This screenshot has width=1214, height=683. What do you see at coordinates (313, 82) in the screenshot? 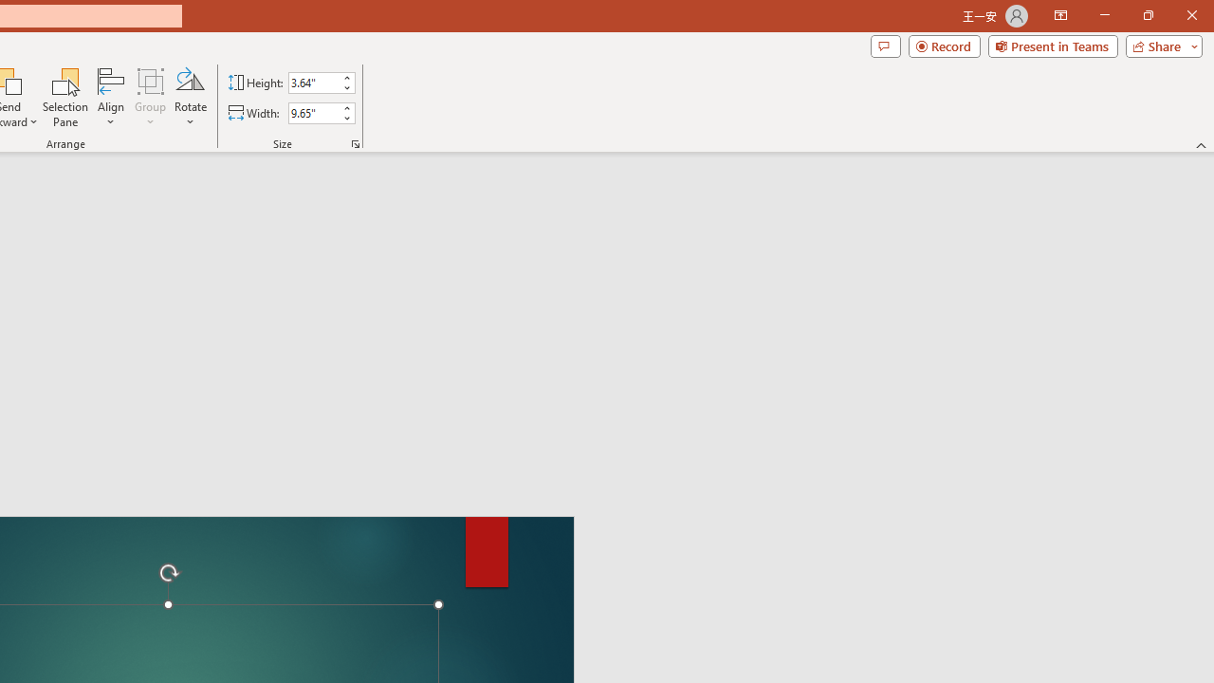
I see `'Shape Height'` at bounding box center [313, 82].